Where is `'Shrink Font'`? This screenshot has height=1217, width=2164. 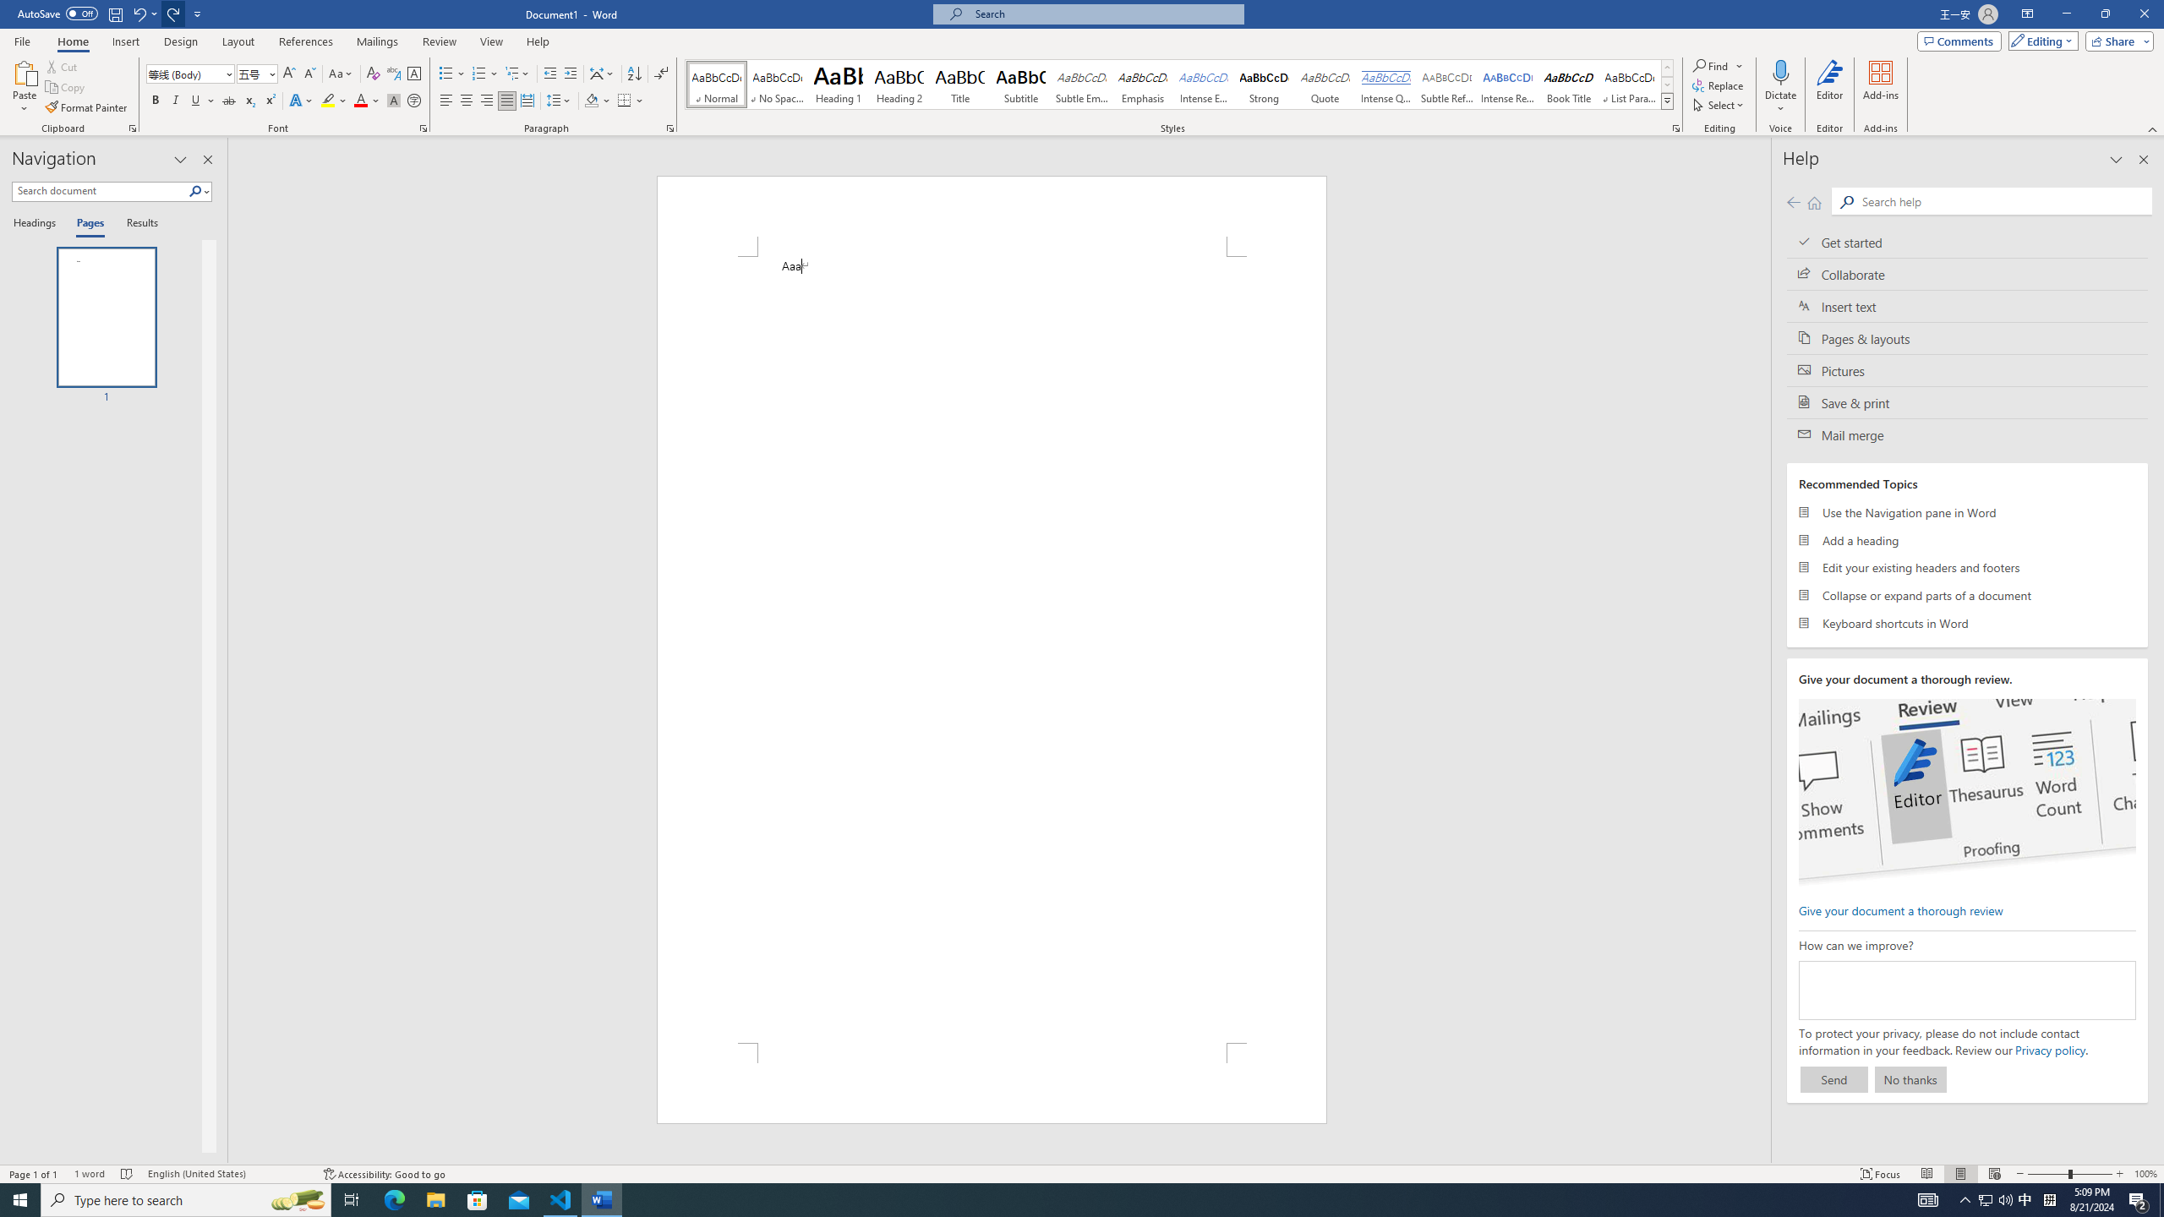
'Shrink Font' is located at coordinates (309, 74).